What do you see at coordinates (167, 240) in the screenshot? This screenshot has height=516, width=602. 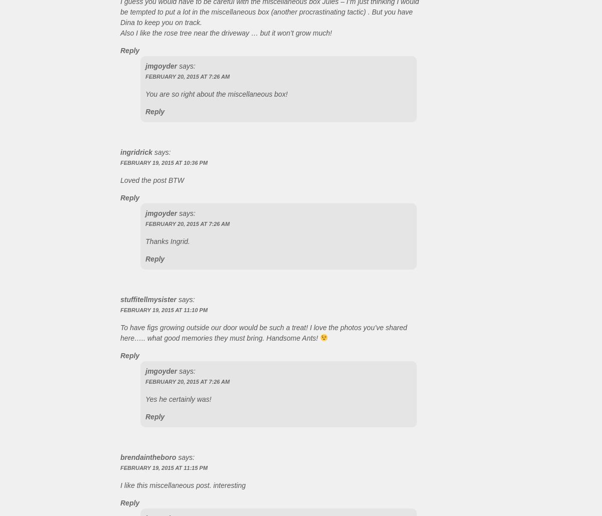 I see `'Thanks Ingrid.'` at bounding box center [167, 240].